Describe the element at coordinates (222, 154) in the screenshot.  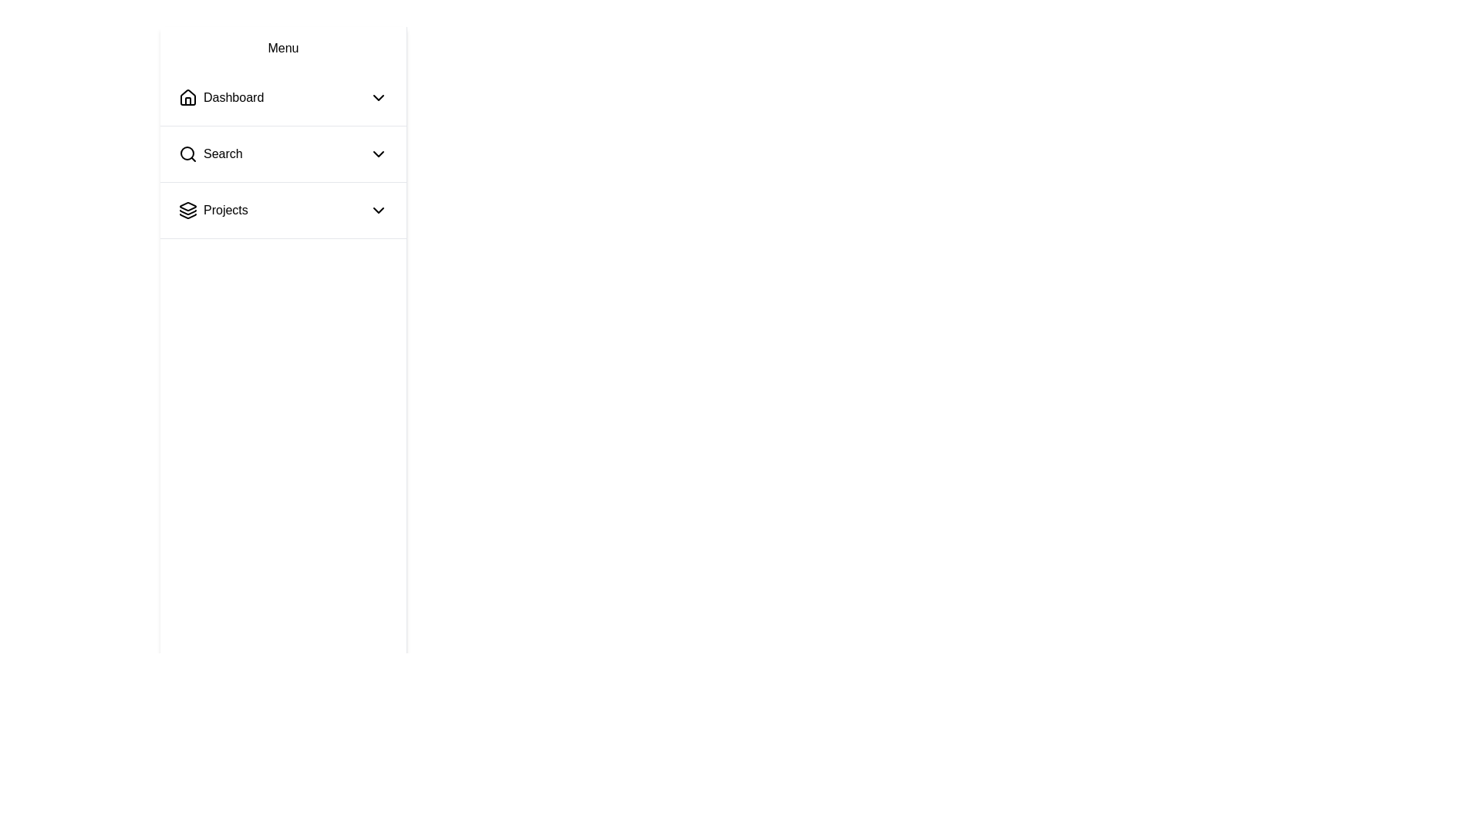
I see `the 'Search' text label` at that location.